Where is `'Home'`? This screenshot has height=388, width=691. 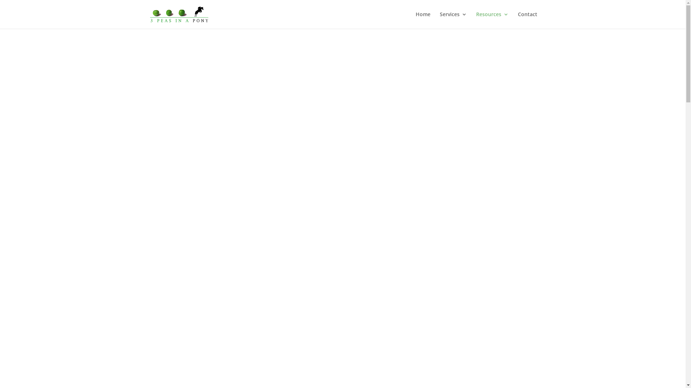 'Home' is located at coordinates (423, 20).